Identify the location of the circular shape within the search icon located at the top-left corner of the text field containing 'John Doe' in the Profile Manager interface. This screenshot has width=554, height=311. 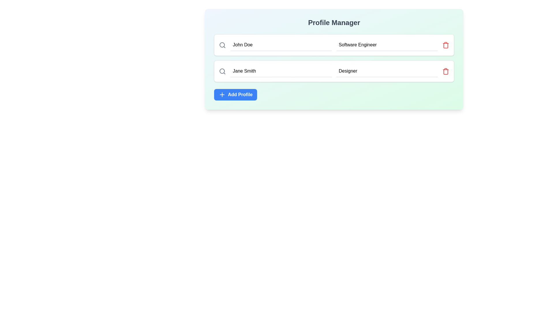
(222, 44).